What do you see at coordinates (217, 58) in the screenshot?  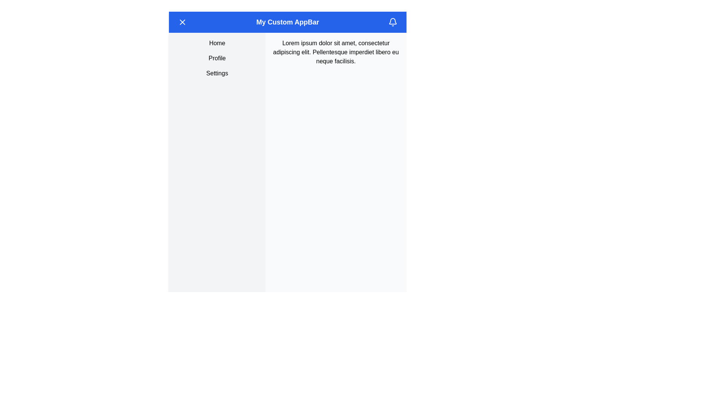 I see `the 'Profile' label in the vertical list of options located in the side menu panel, which is positioned below 'Home' and above 'Settings'` at bounding box center [217, 58].